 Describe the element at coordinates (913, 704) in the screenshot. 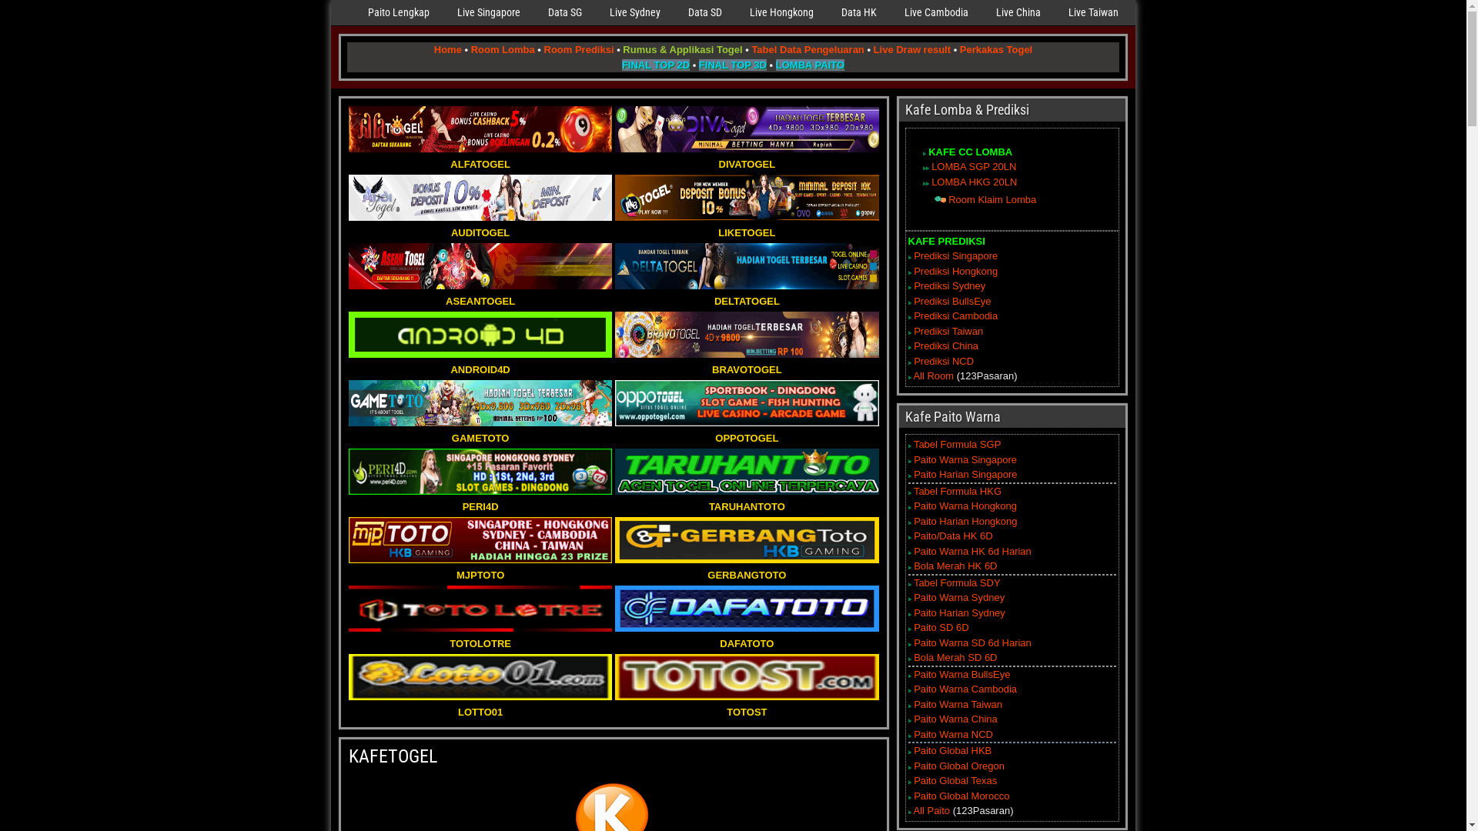

I see `'Paito Warna Taiwan'` at that location.